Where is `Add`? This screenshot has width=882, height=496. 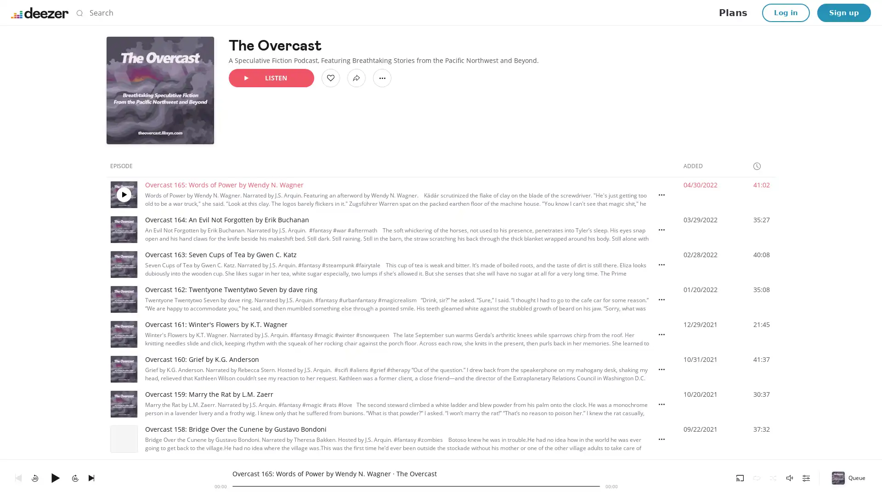
Add is located at coordinates (331, 77).